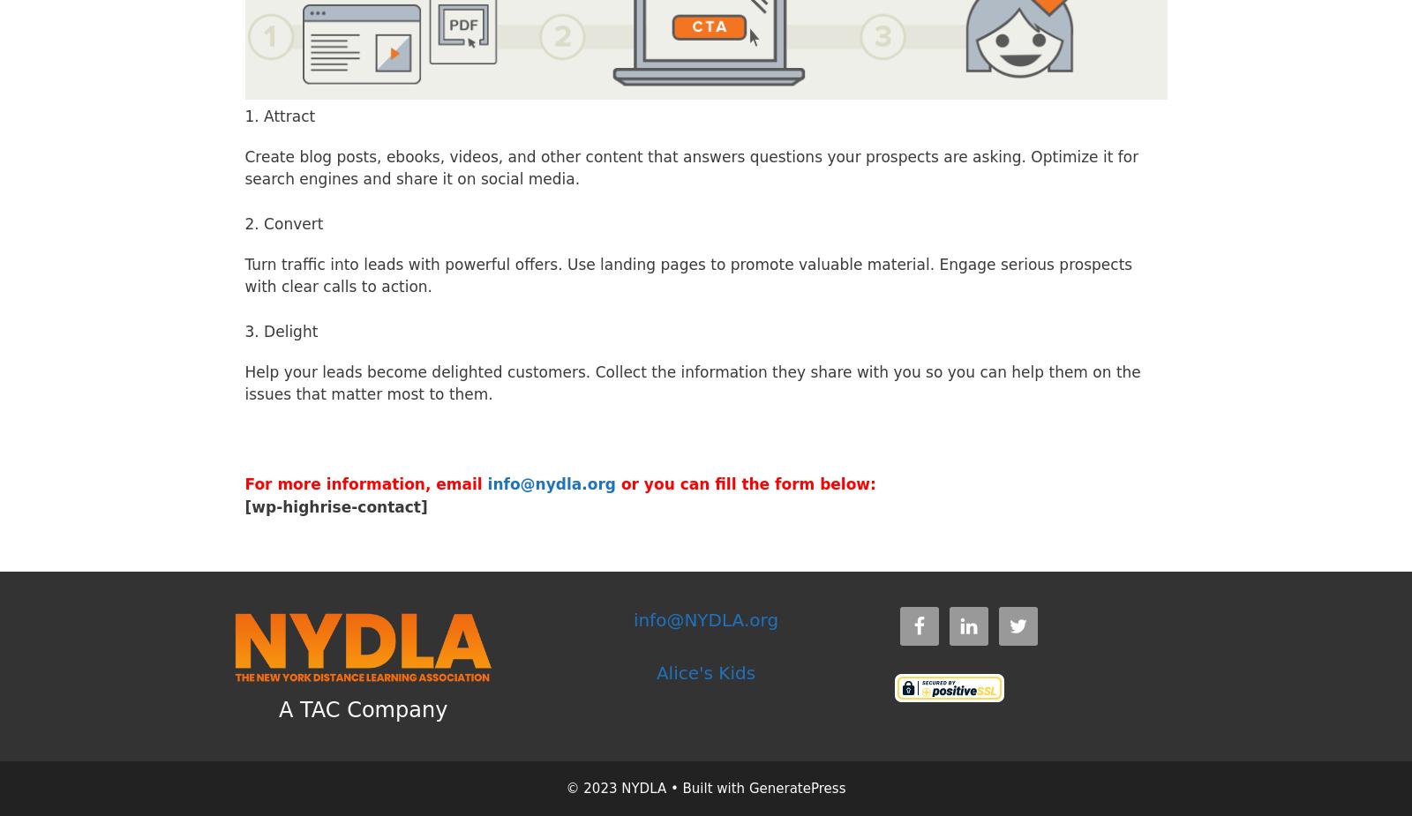 This screenshot has height=816, width=1412. I want to click on 'GeneratePress', so click(747, 789).